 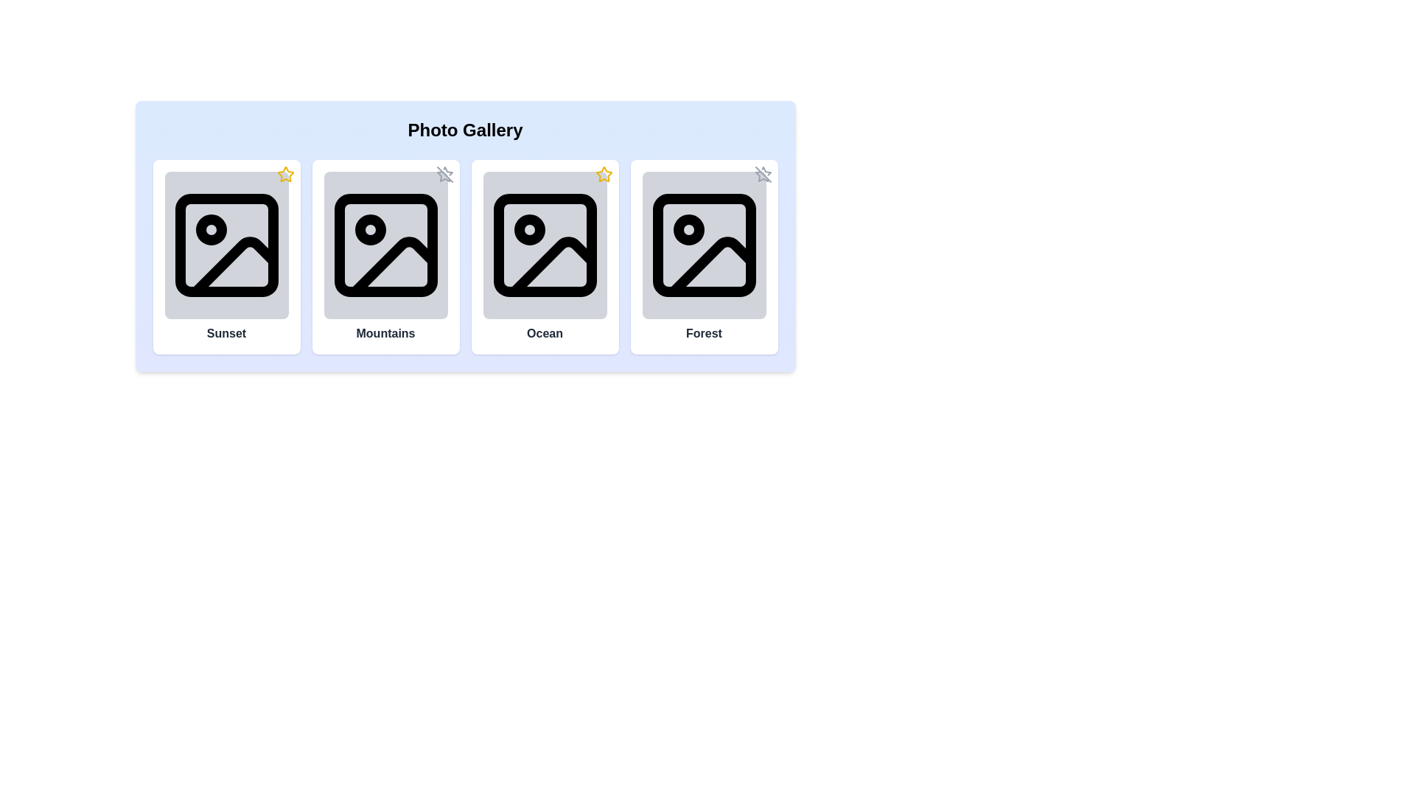 I want to click on the photo card labeled Sunset, so click(x=226, y=256).